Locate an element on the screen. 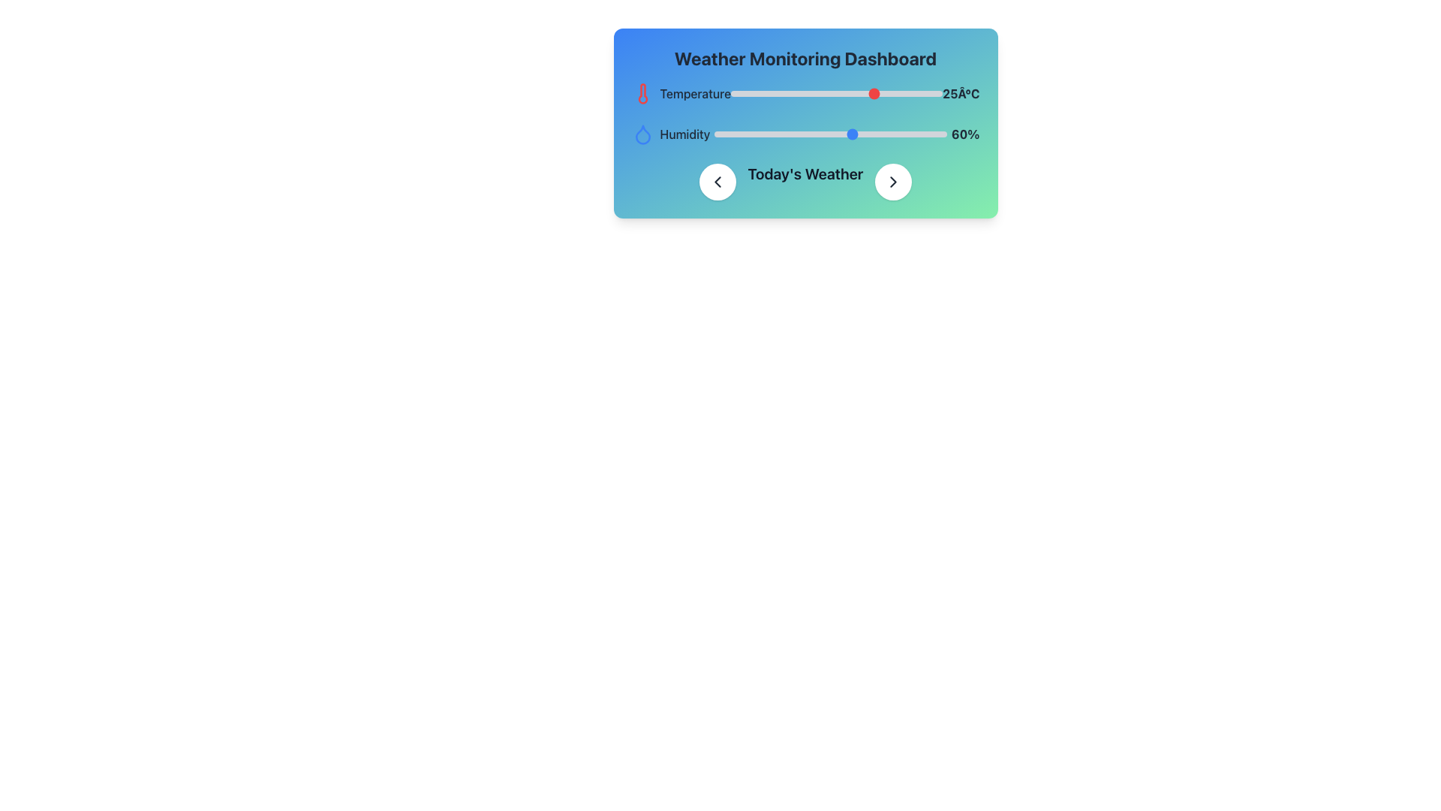  the section title label that indicates today's weather conditions, located within the weather summary panel, beneath the temperature and humidity display bars is located at coordinates (805, 181).